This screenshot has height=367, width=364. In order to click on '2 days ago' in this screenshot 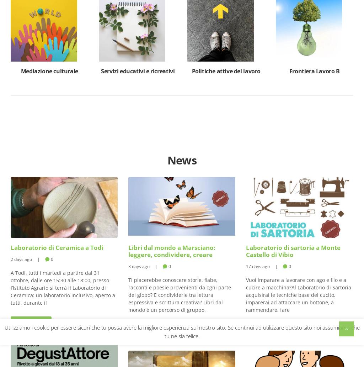, I will do `click(21, 258)`.